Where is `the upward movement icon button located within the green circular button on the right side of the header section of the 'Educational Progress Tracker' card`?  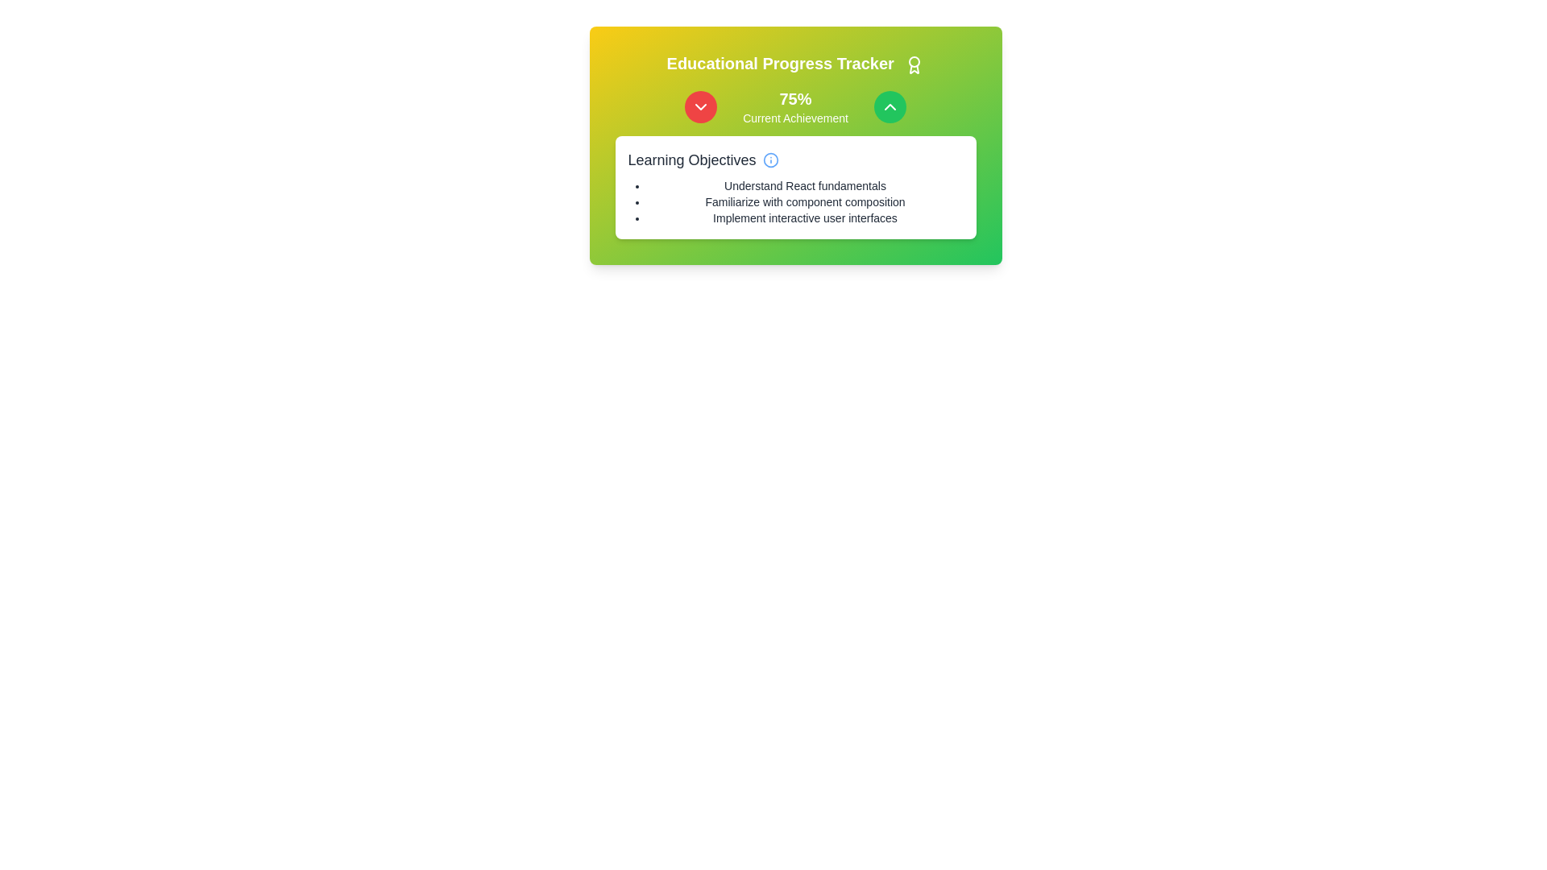 the upward movement icon button located within the green circular button on the right side of the header section of the 'Educational Progress Tracker' card is located at coordinates (889, 106).